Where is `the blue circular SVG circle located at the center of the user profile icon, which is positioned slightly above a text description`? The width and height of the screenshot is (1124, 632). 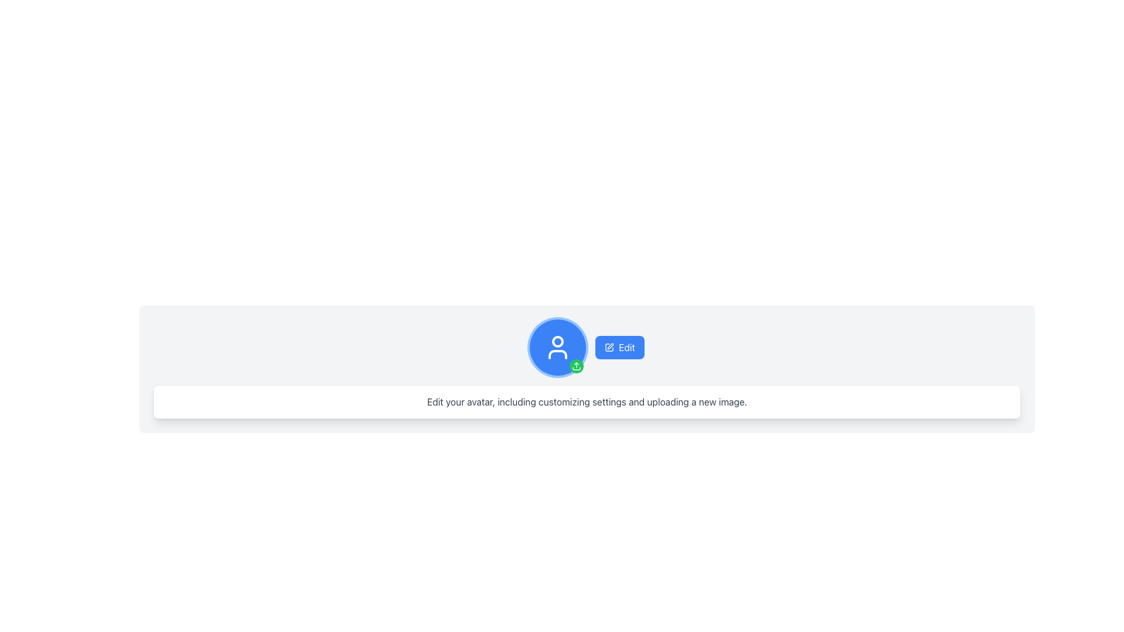
the blue circular SVG circle located at the center of the user profile icon, which is positioned slightly above a text description is located at coordinates (557, 341).